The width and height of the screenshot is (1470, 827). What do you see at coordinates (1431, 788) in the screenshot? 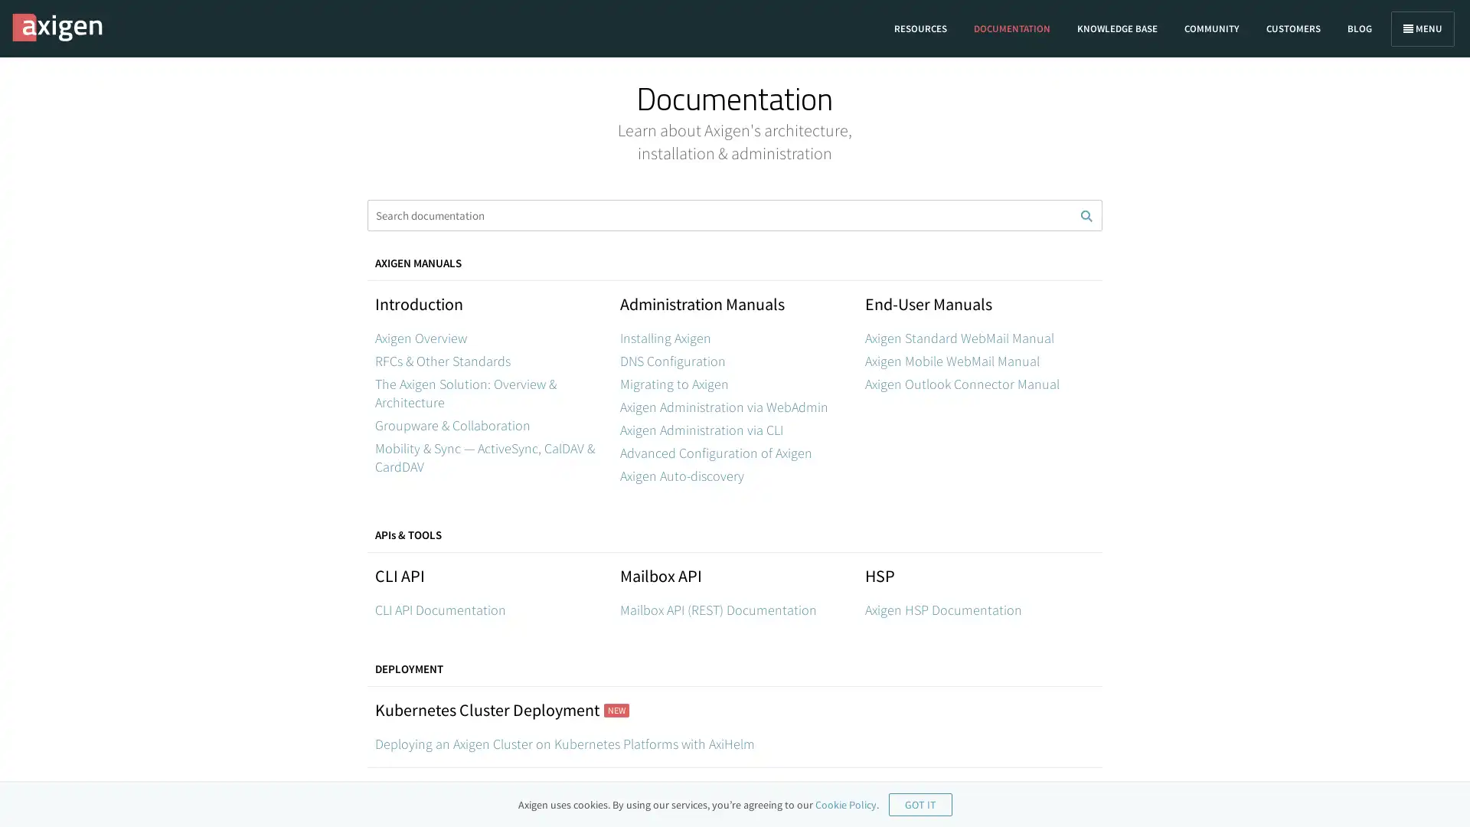
I see `Open Intercom Messenger` at bounding box center [1431, 788].